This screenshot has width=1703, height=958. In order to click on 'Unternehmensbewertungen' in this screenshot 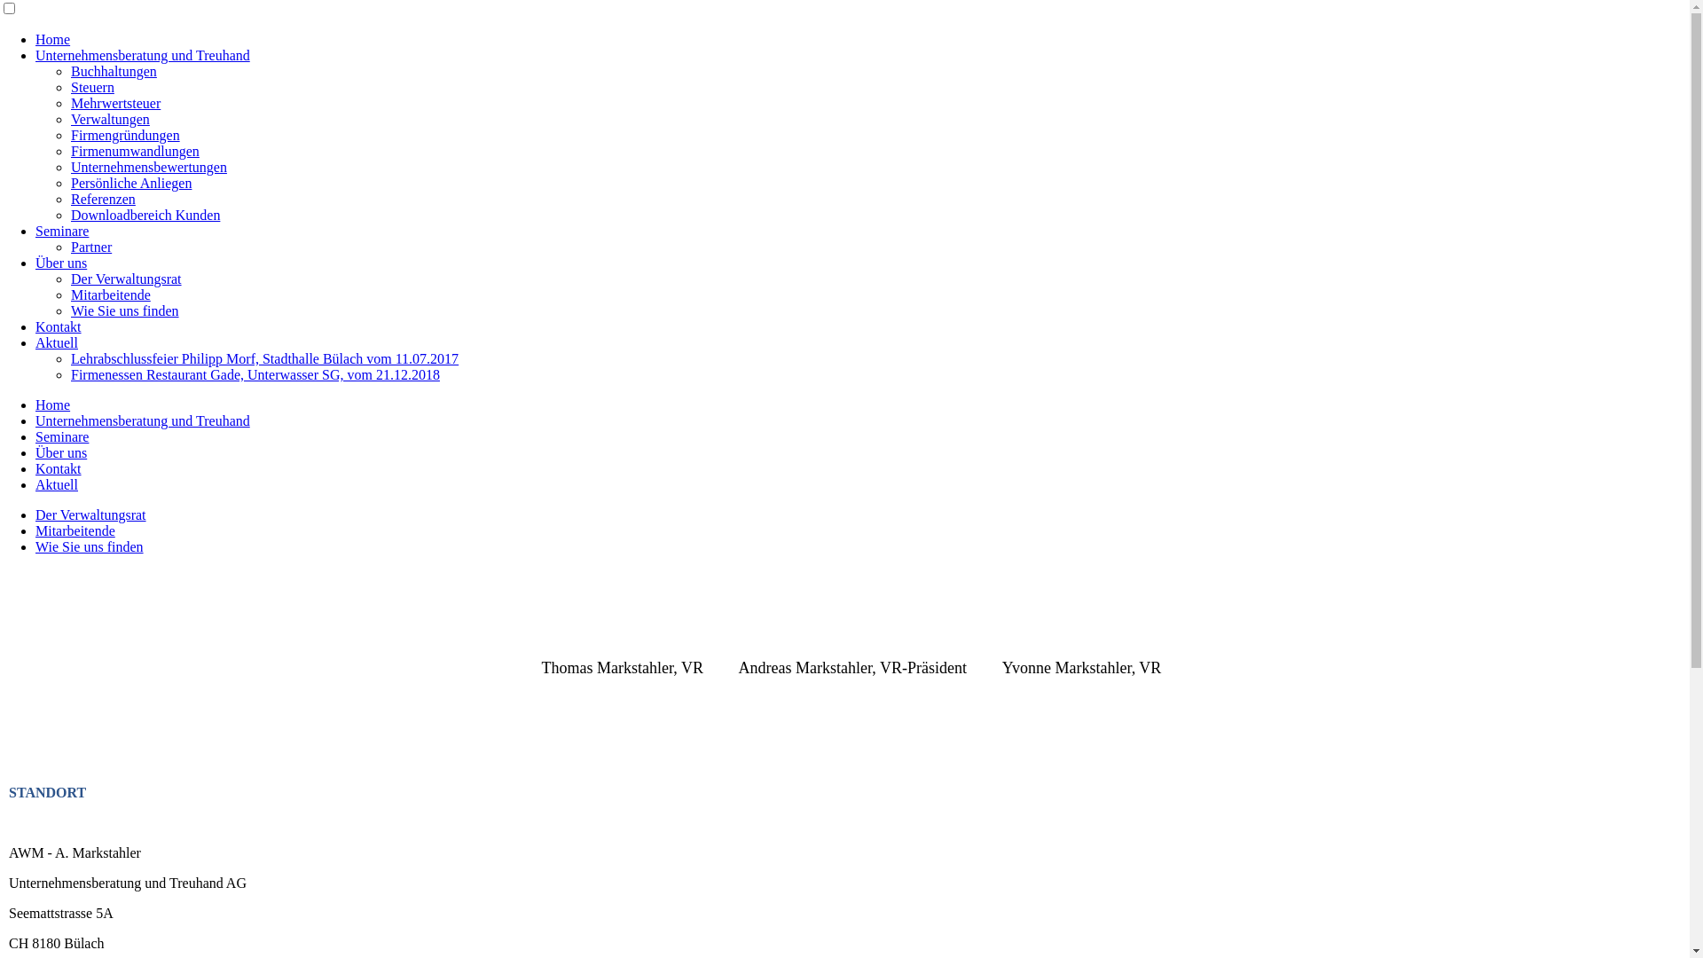, I will do `click(149, 167)`.